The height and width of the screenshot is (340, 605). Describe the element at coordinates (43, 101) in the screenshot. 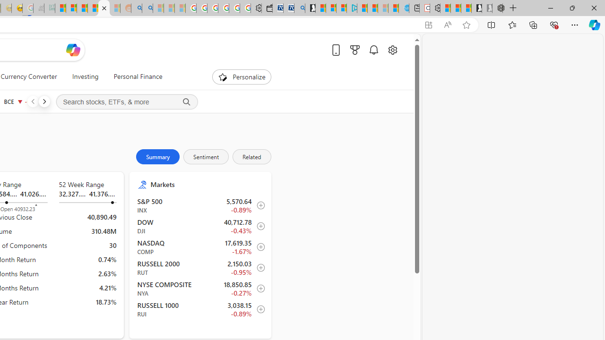

I see `'Next'` at that location.